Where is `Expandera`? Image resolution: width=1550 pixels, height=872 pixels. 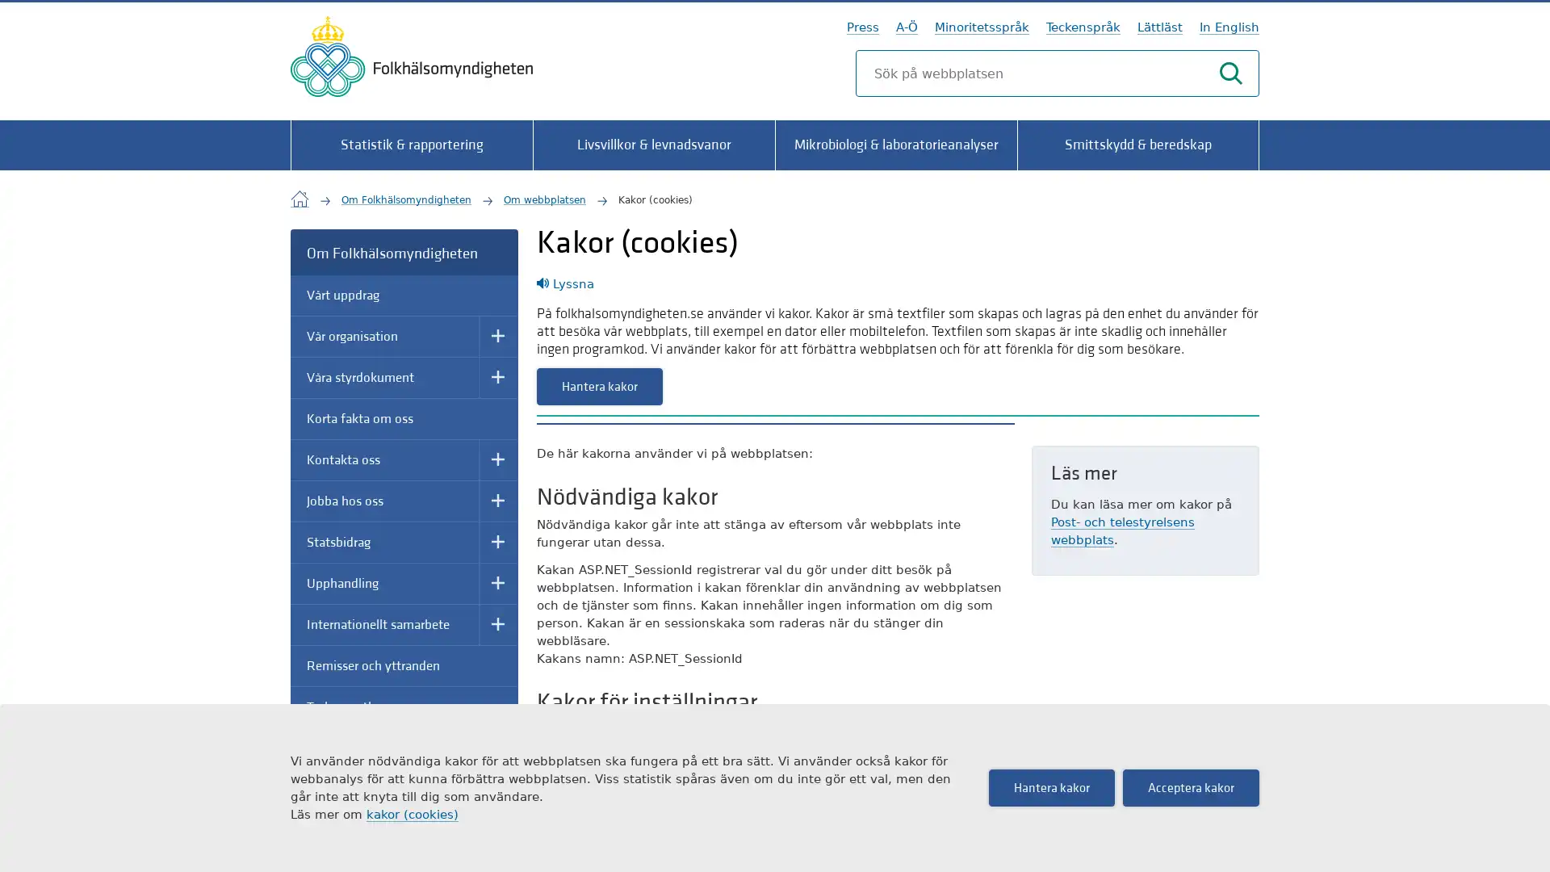
Expandera is located at coordinates (497, 624).